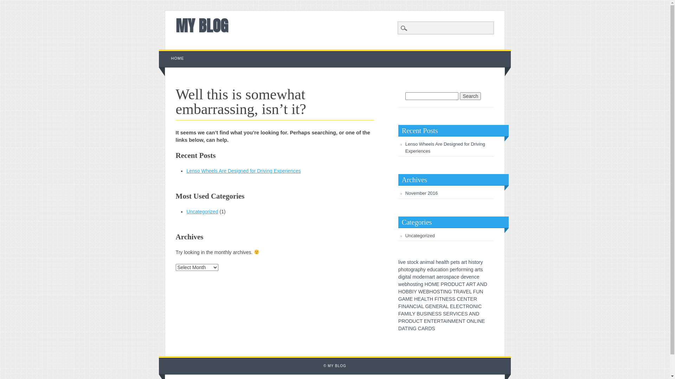 The height and width of the screenshot is (379, 675). Describe the element at coordinates (410, 313) in the screenshot. I see `'L'` at that location.